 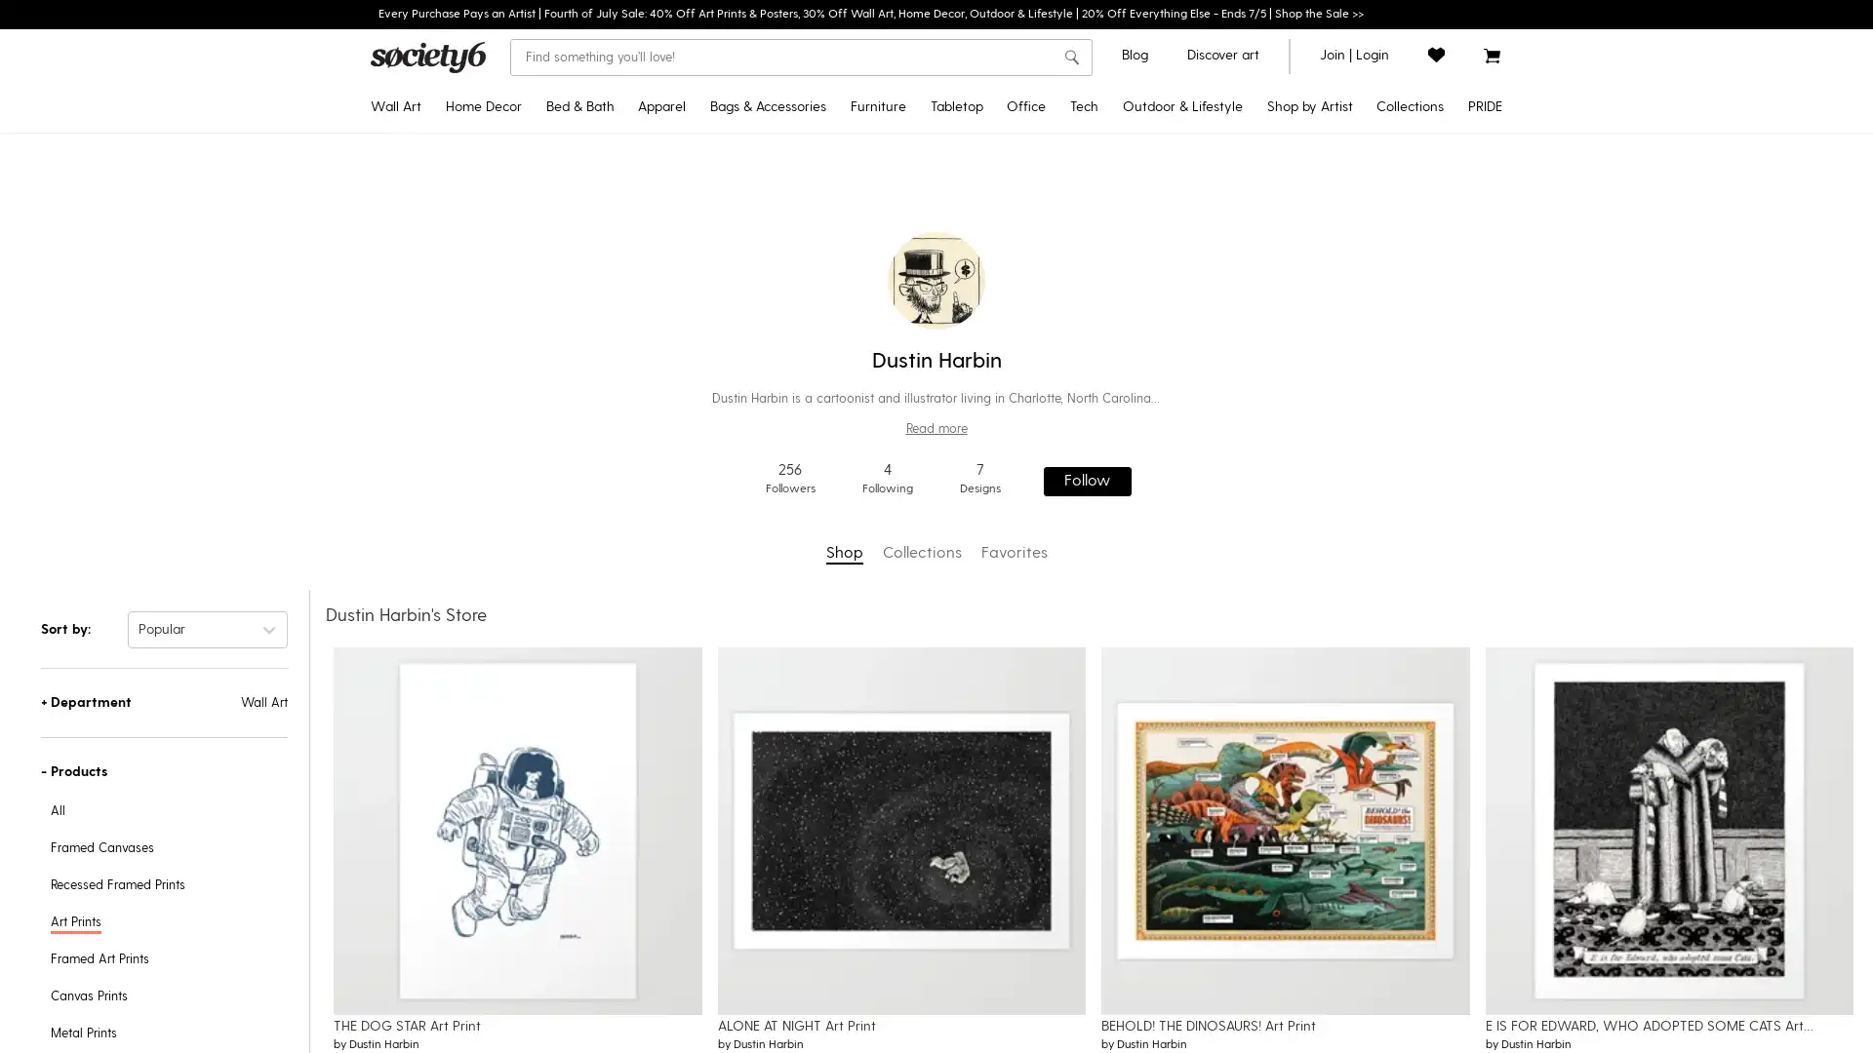 What do you see at coordinates (1337, 314) in the screenshot?
I see `Curator's Picks` at bounding box center [1337, 314].